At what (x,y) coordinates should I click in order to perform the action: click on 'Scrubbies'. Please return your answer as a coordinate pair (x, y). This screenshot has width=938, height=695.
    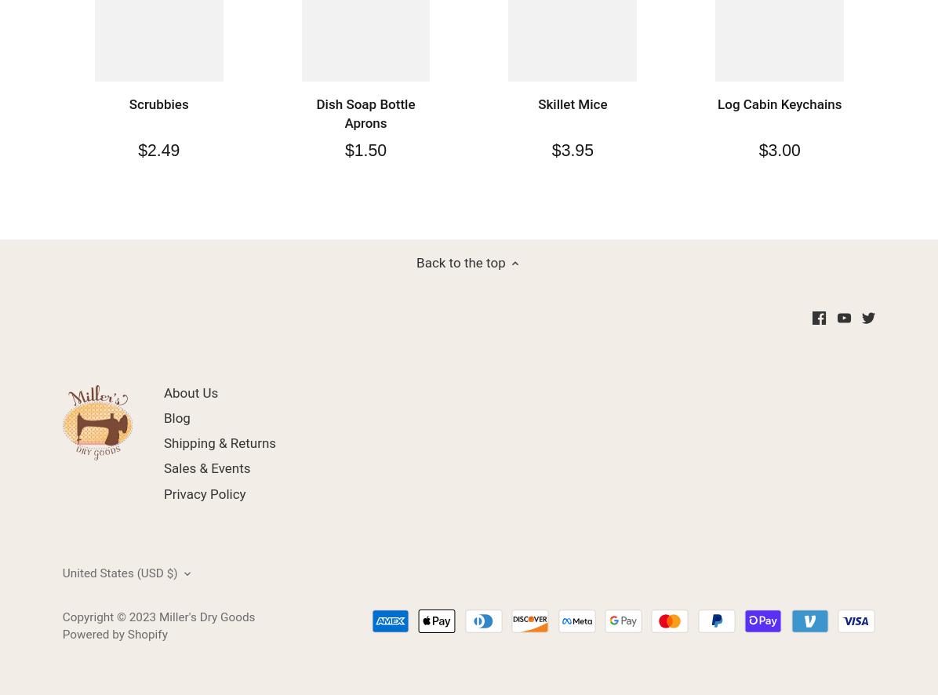
    Looking at the image, I should click on (158, 104).